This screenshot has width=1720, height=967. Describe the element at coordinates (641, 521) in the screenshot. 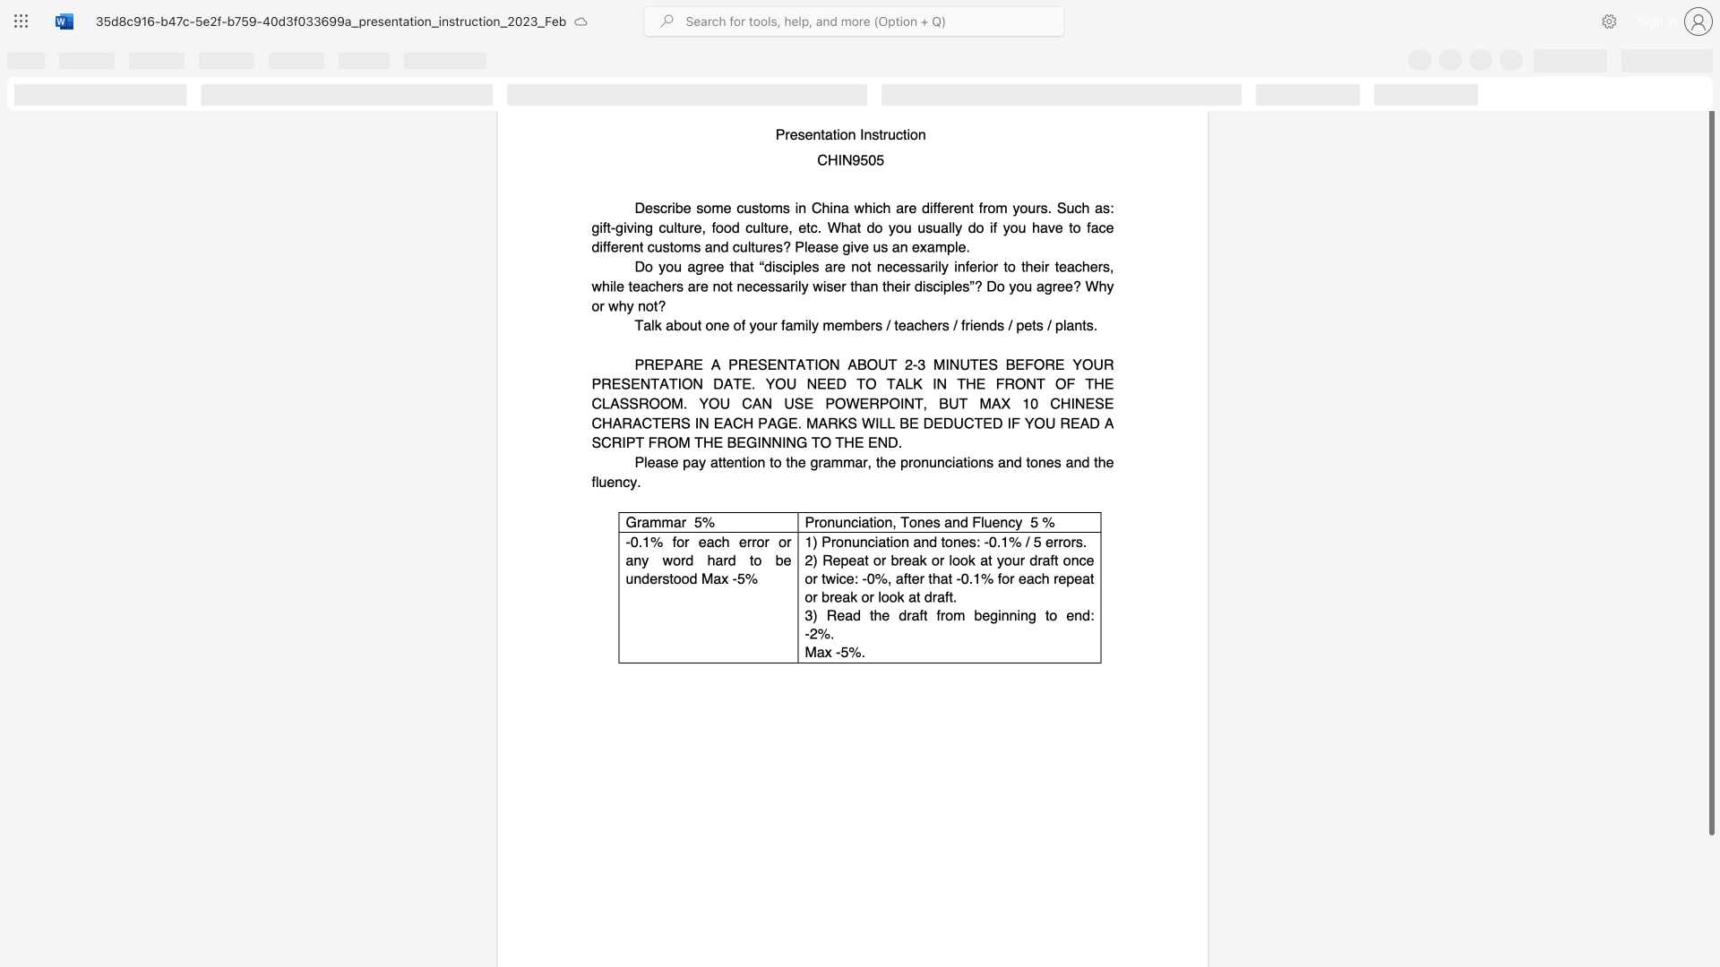

I see `the subset text "ammar  5%" within the text "Grammar  5%"` at that location.